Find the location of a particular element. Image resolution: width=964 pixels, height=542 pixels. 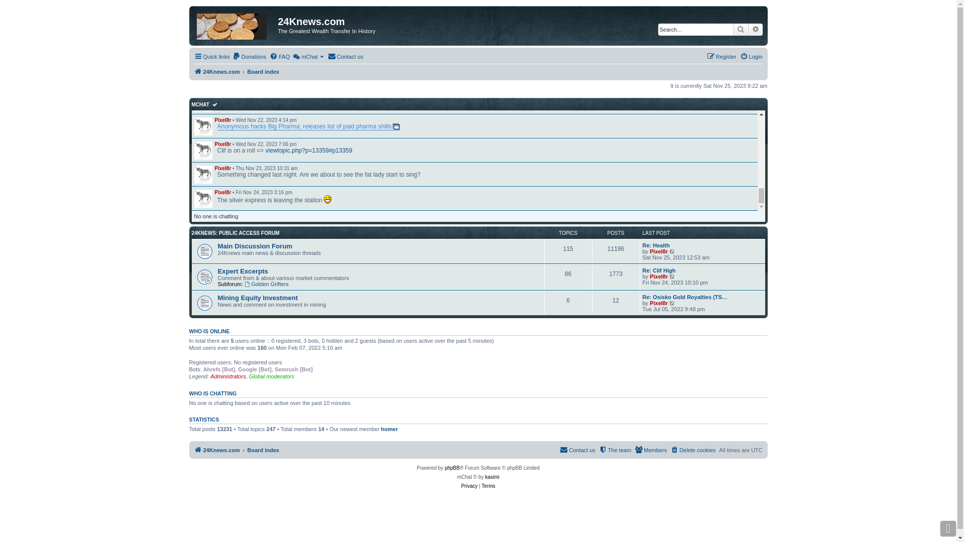

'Privacy' is located at coordinates (468, 485).